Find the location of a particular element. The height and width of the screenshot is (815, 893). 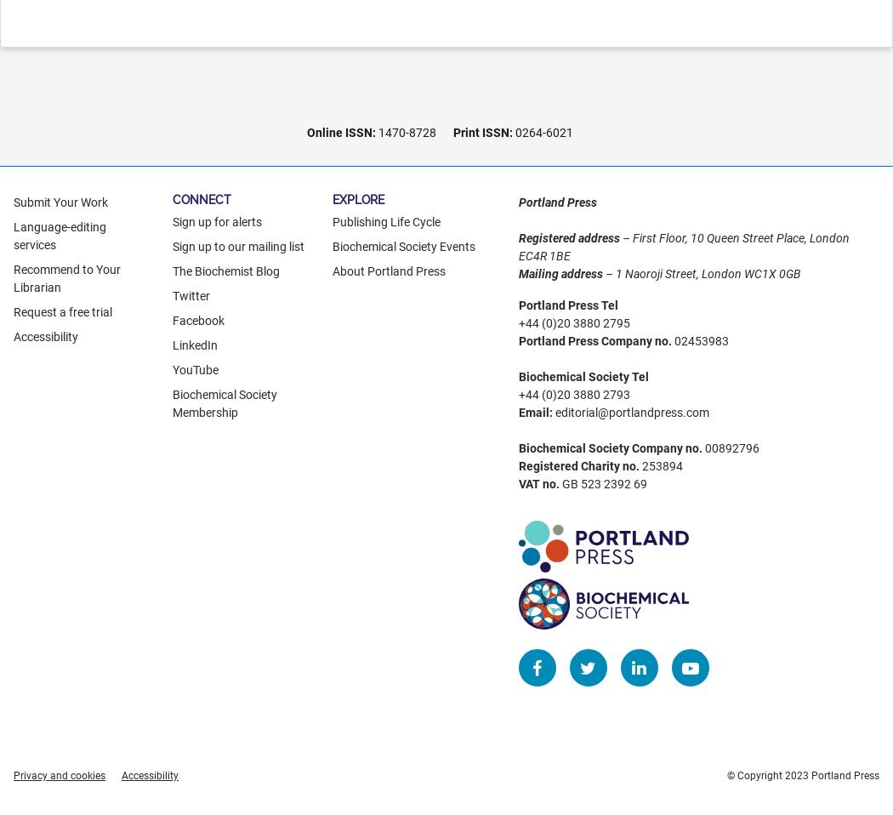

'Biochemical Society Tel' is located at coordinates (583, 376).